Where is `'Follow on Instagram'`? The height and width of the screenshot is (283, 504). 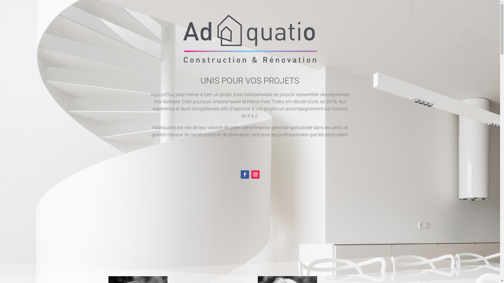
'Follow on Instagram' is located at coordinates (255, 175).